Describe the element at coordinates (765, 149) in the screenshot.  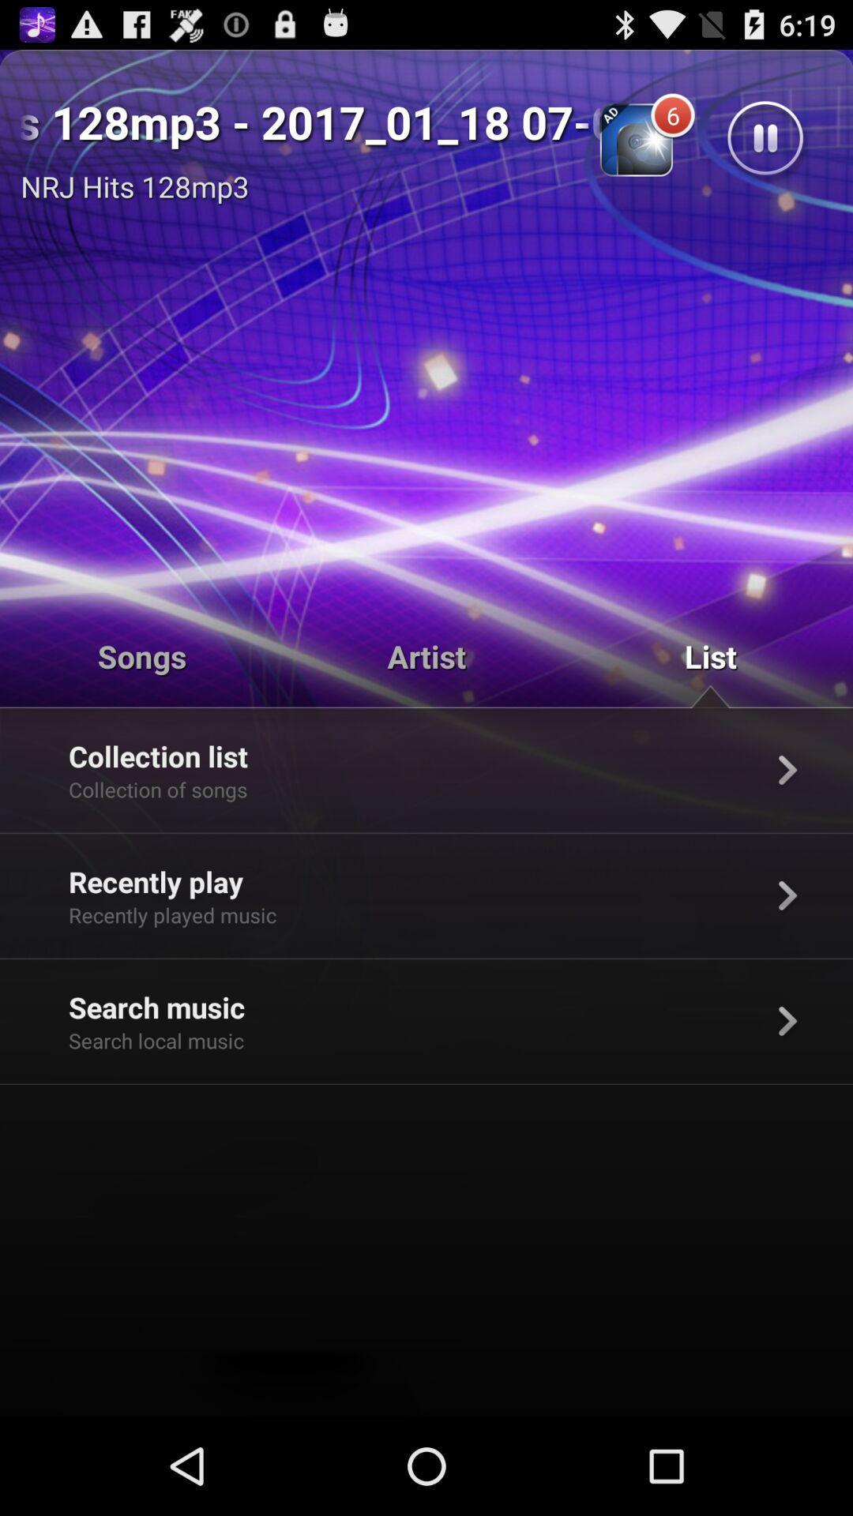
I see `the pause icon` at that location.